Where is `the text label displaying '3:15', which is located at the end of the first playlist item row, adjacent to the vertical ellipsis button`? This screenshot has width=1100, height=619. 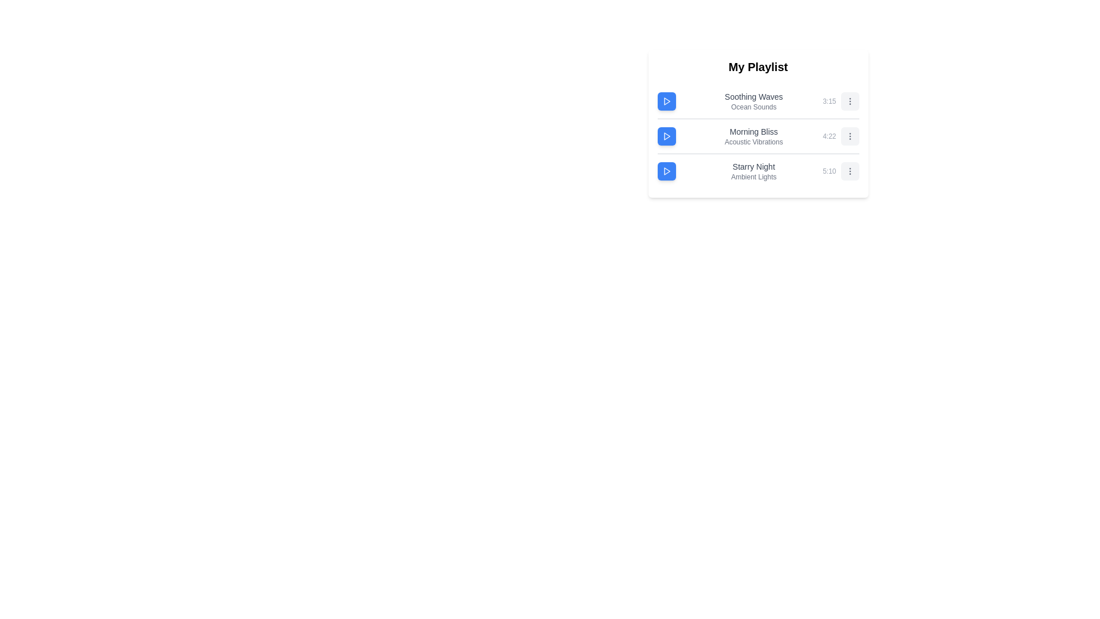
the text label displaying '3:15', which is located at the end of the first playlist item row, adjacent to the vertical ellipsis button is located at coordinates (829, 101).